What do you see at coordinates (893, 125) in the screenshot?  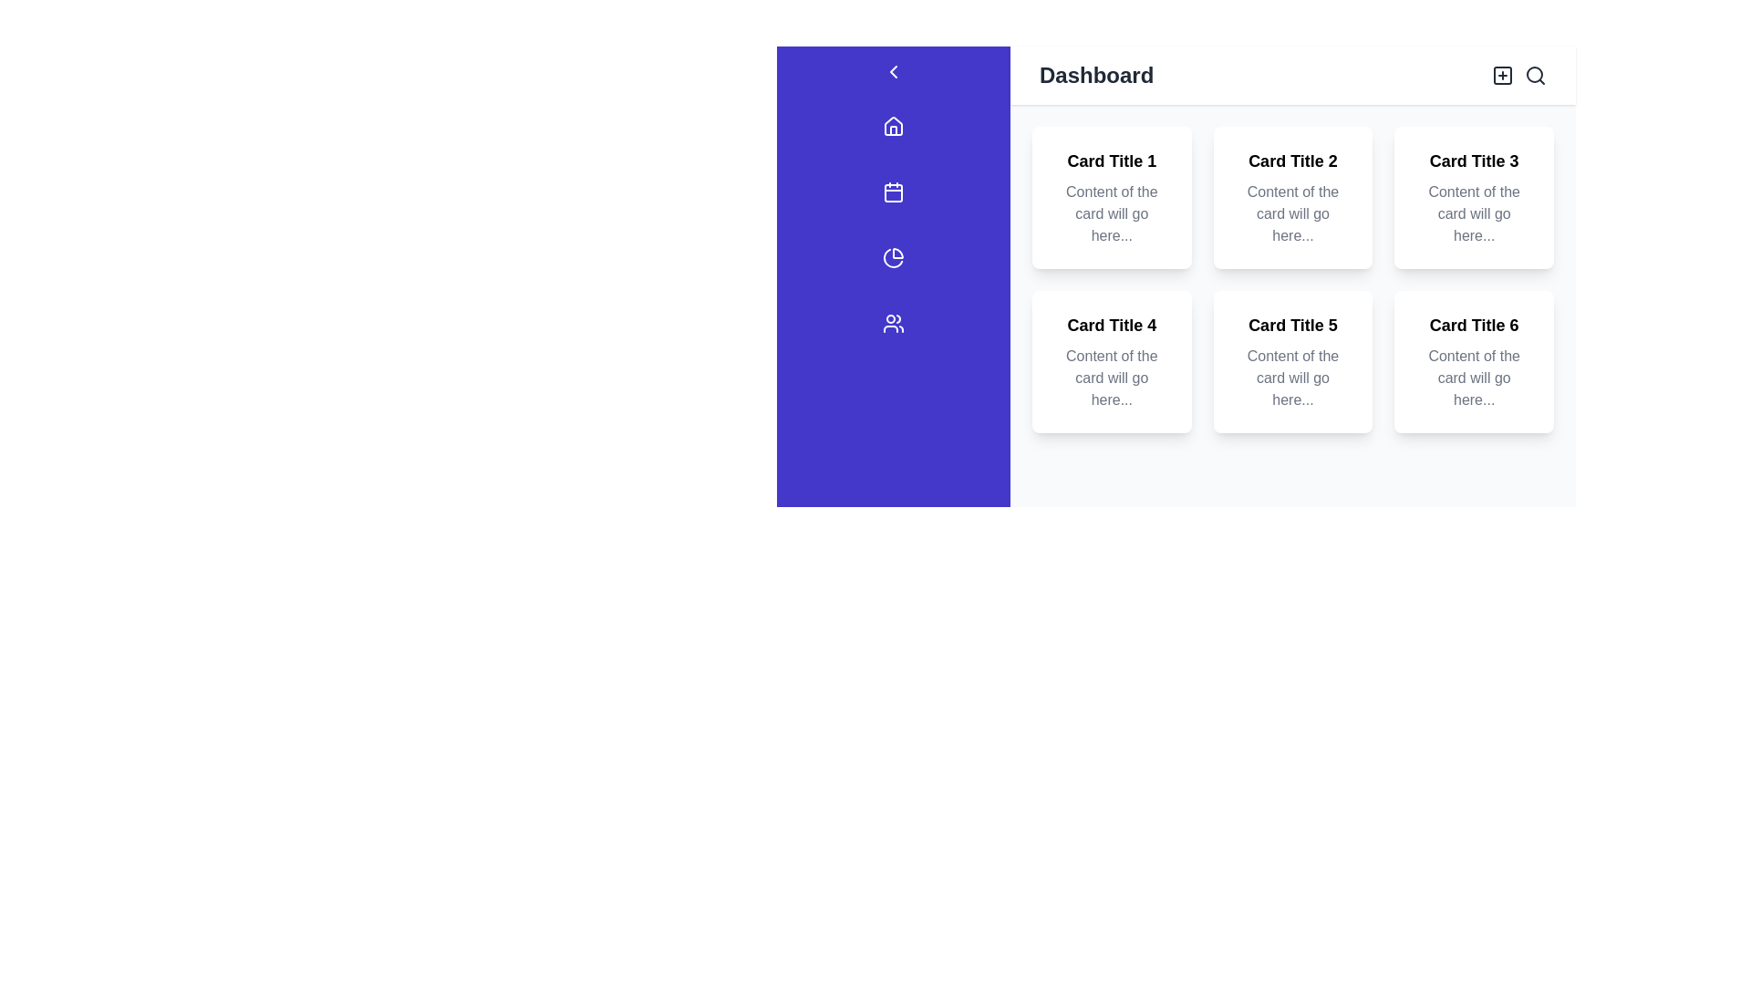 I see `the home-themed icon located at the top of the navigation bar` at bounding box center [893, 125].